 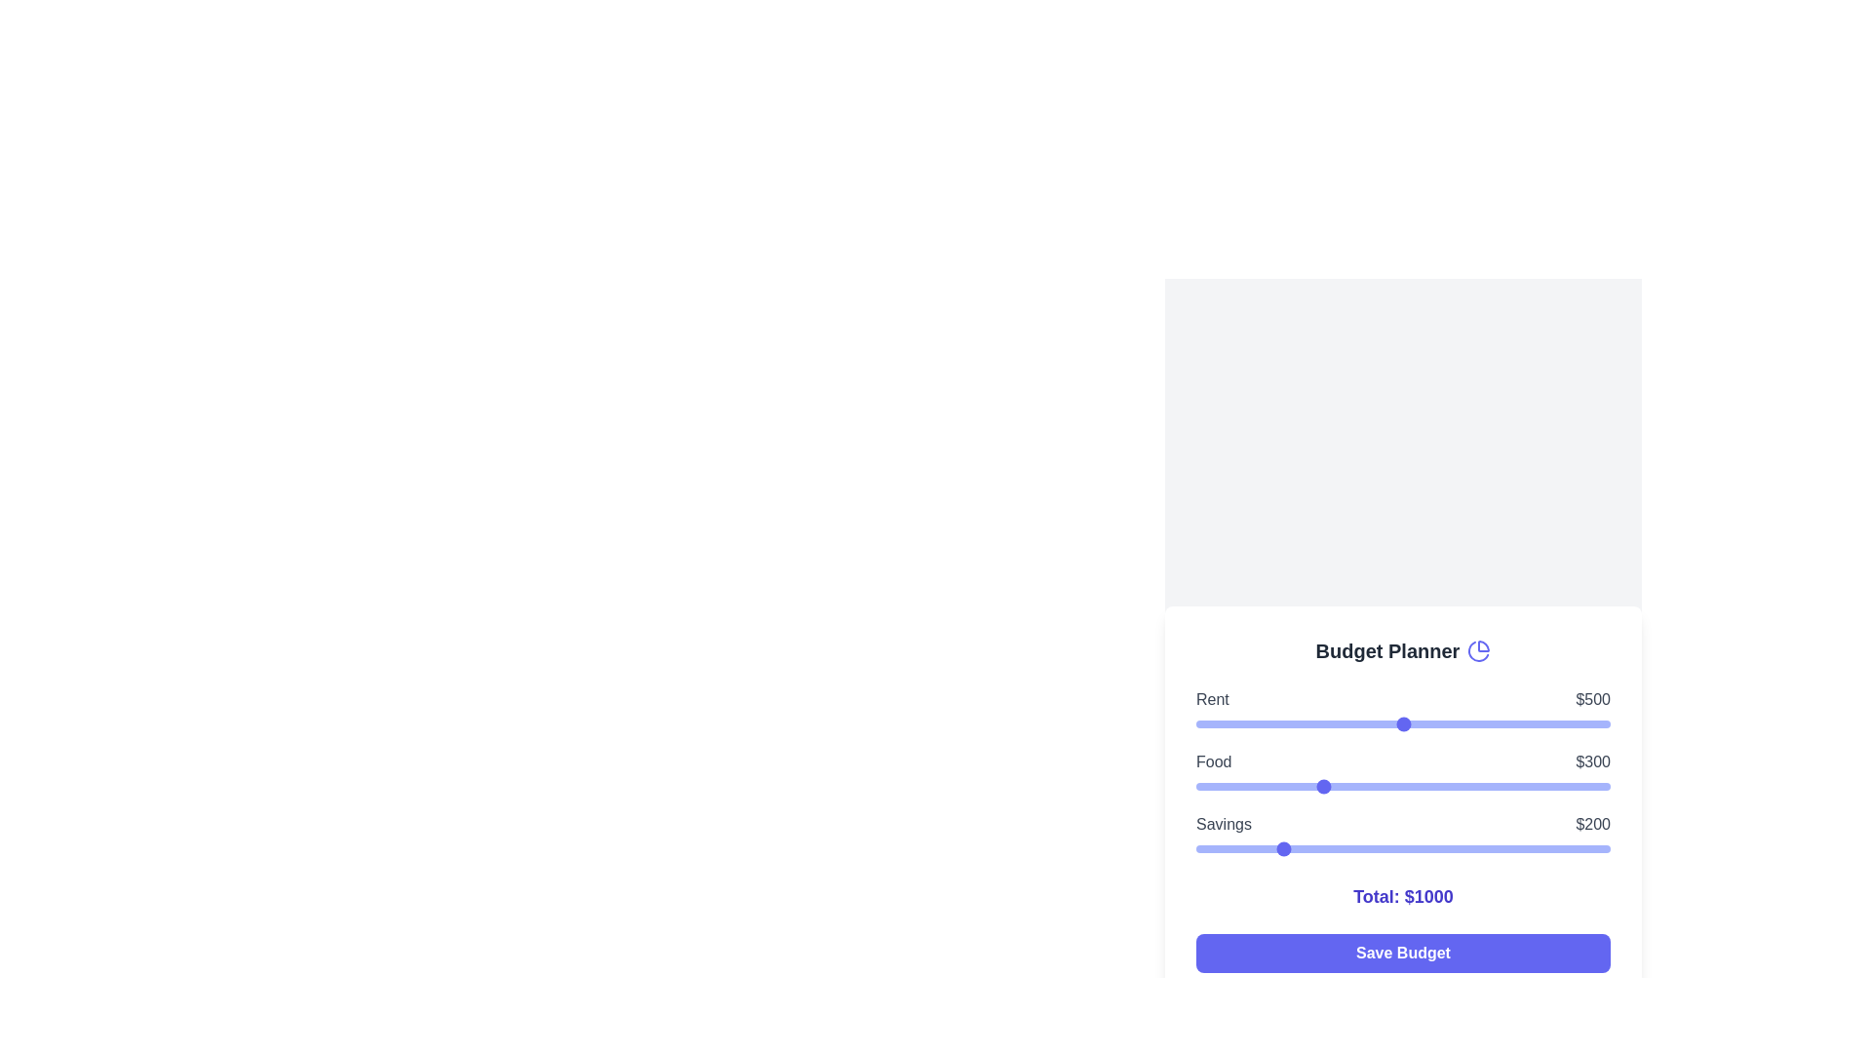 What do you see at coordinates (1203, 848) in the screenshot?
I see `the savings slider to 19` at bounding box center [1203, 848].